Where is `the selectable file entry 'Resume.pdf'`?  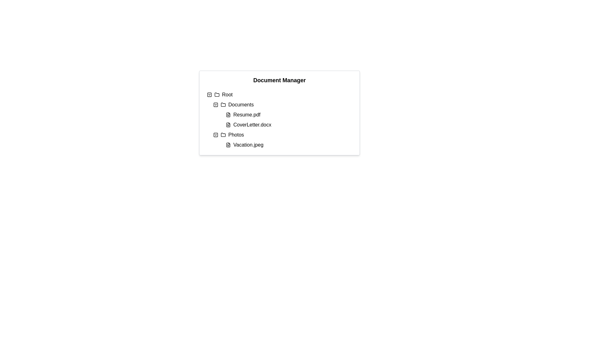
the selectable file entry 'Resume.pdf' is located at coordinates (289, 115).